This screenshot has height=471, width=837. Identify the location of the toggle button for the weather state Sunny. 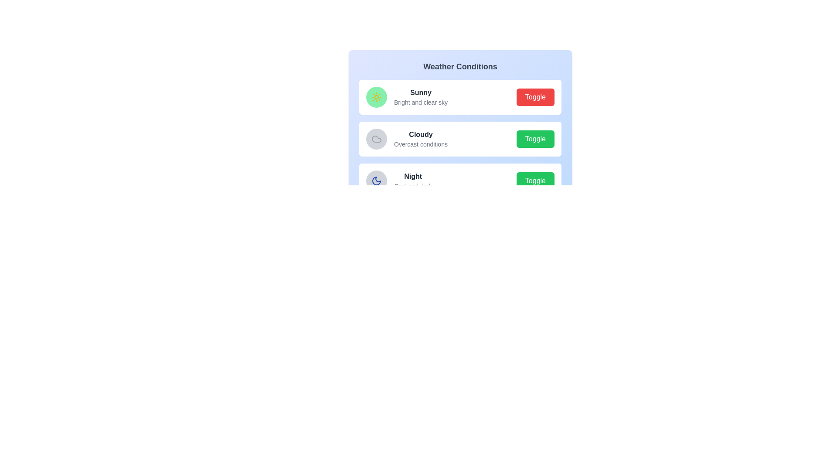
(535, 97).